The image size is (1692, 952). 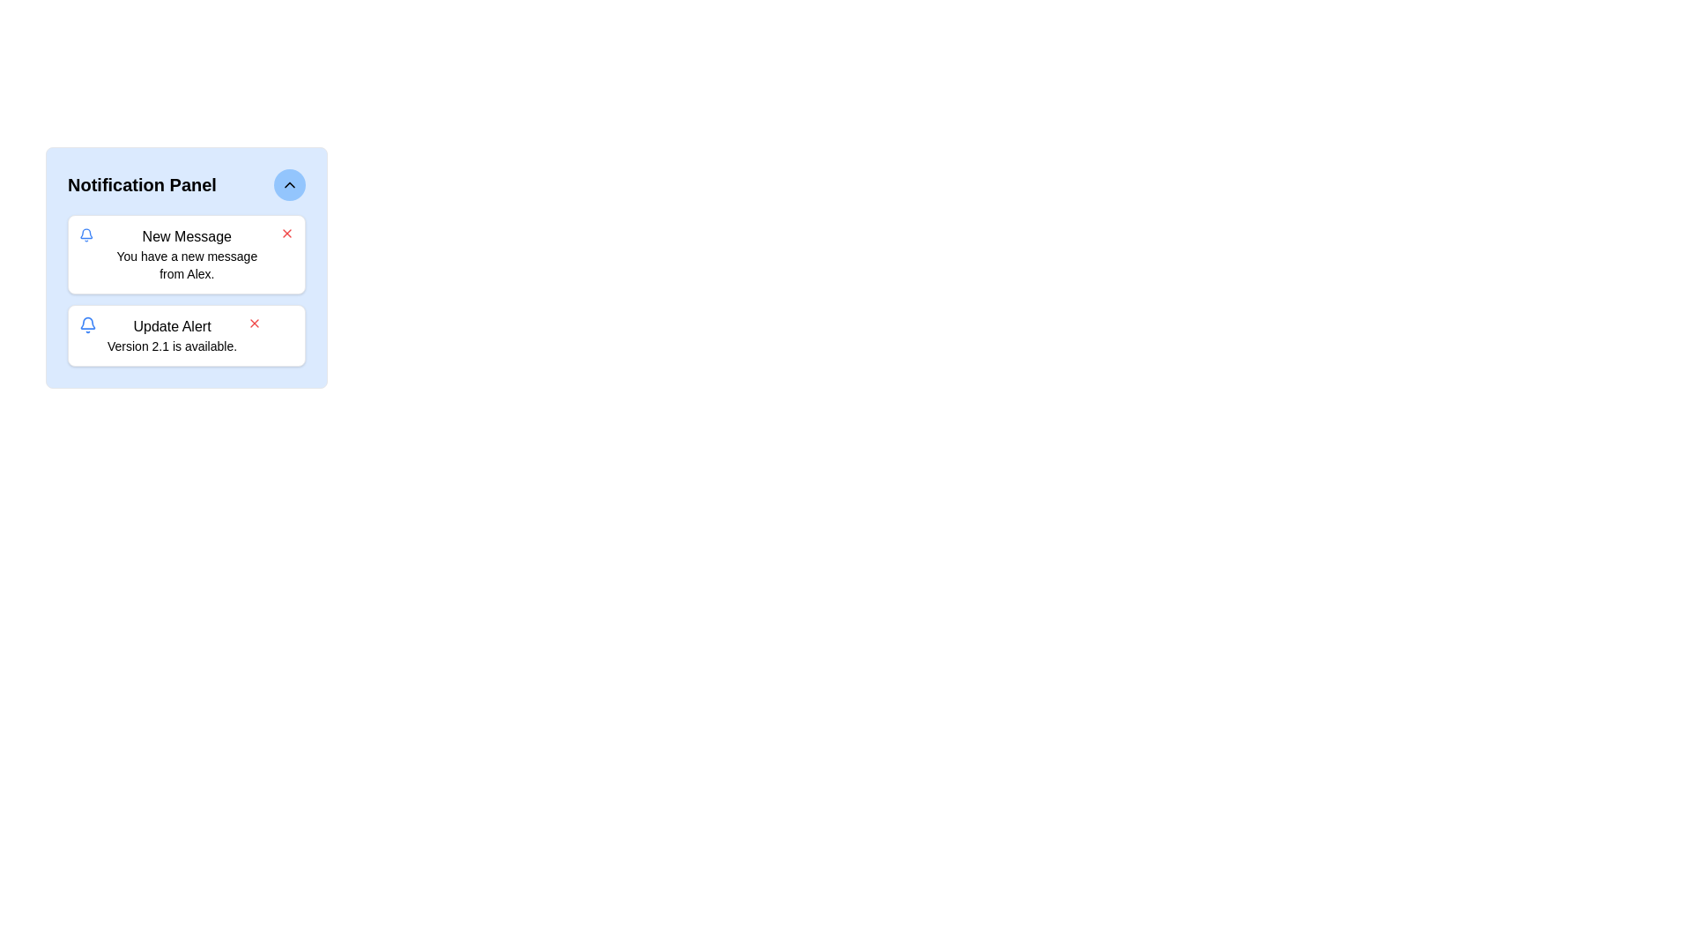 I want to click on the notification alert icon in the Notification Panel, which indicates new or pending notifications, so click(x=87, y=323).